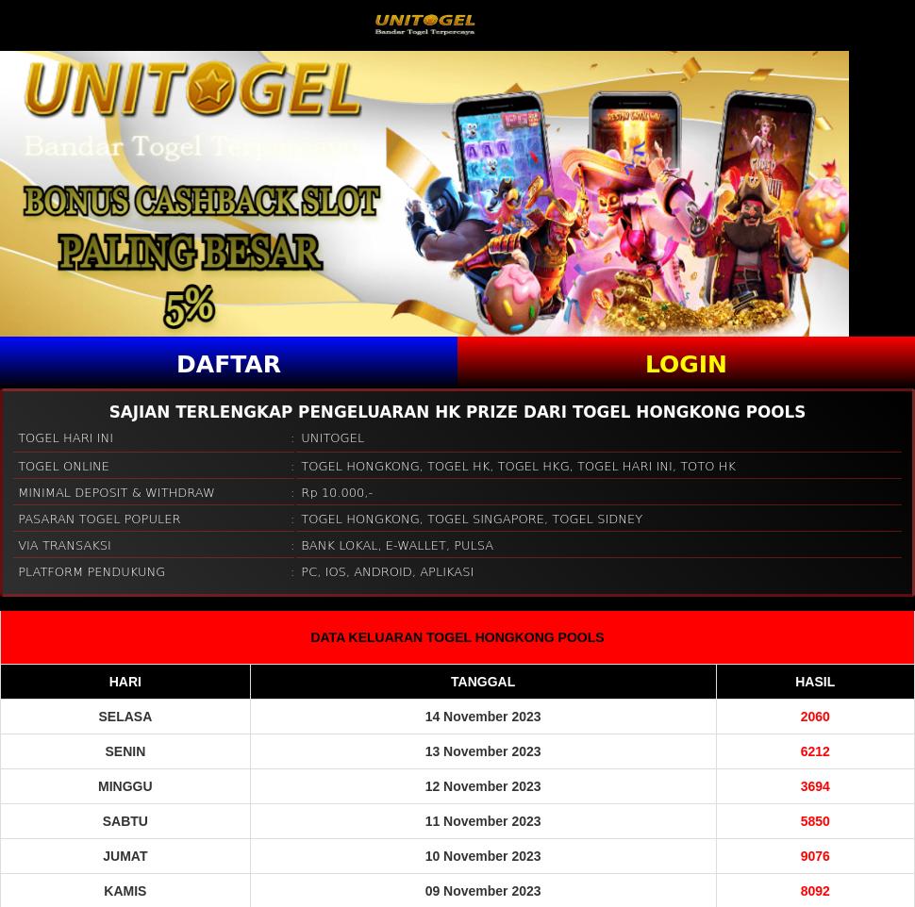  Describe the element at coordinates (396, 544) in the screenshot. I see `'BANK LOKAL, E-WALLET, PULSA'` at that location.